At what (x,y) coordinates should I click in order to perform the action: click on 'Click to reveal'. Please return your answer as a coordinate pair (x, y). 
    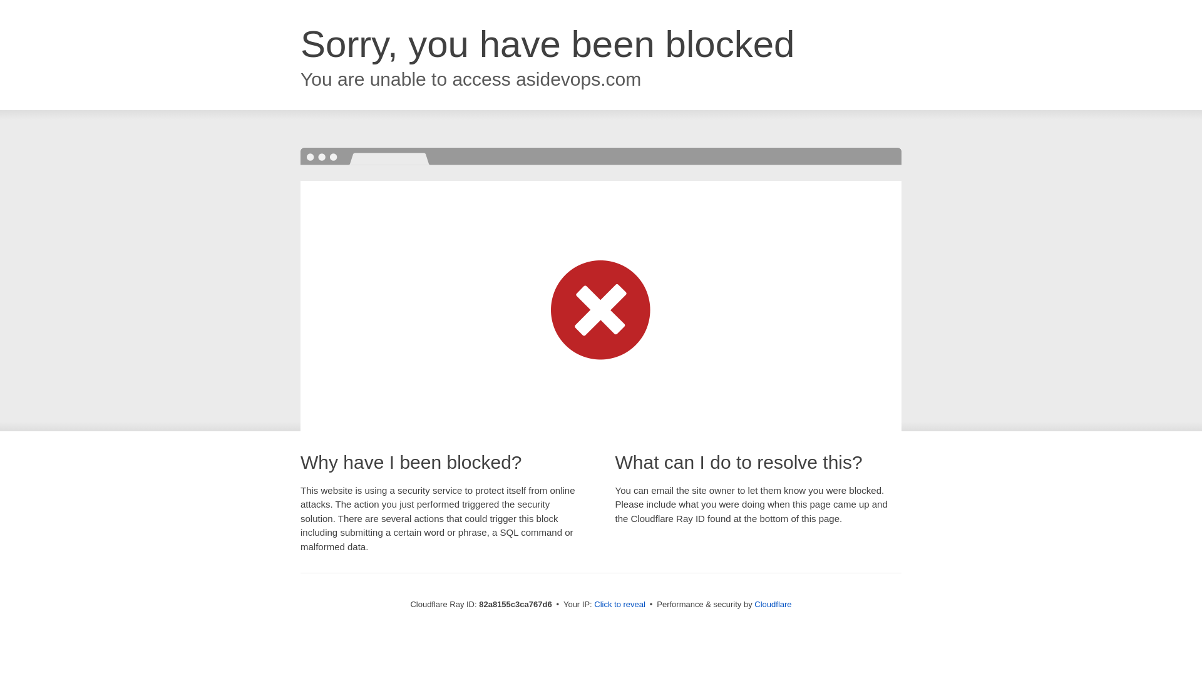
    Looking at the image, I should click on (619, 603).